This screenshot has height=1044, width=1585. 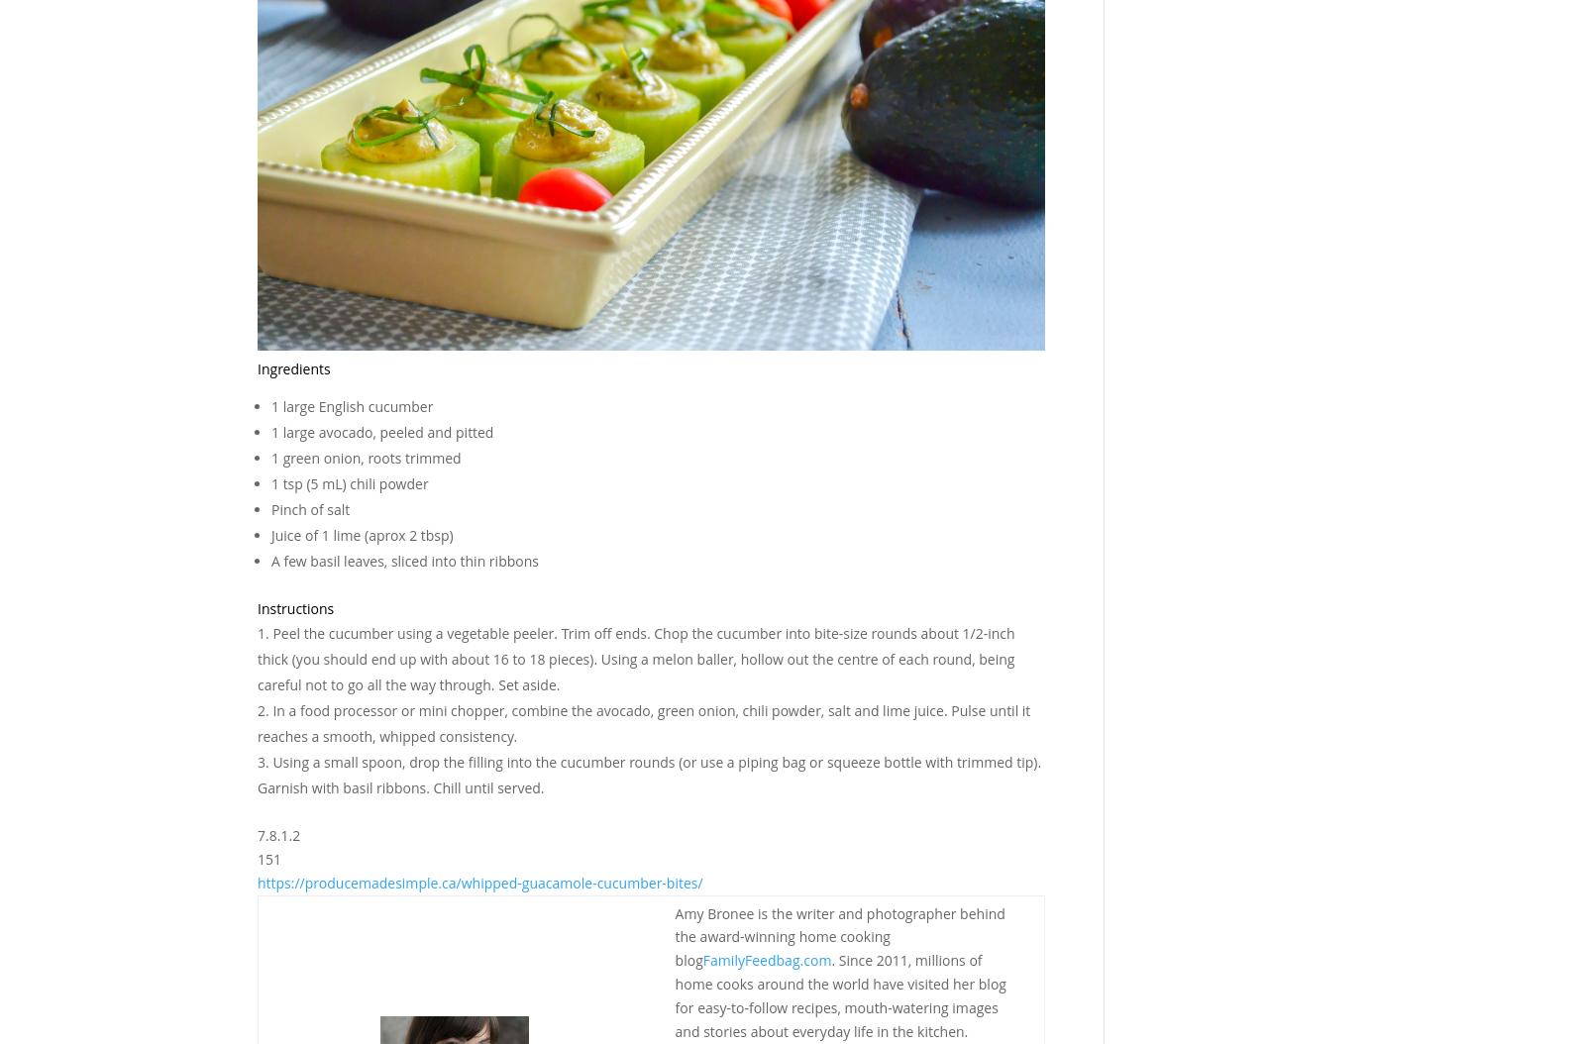 What do you see at coordinates (258, 659) in the screenshot?
I see `'Peel the cucumber using a vegetable peeler. Trim off ends. Chop the cucumber into bite-size rounds about 1/2-inch thick (you should end up with about 16 to 18 pieces). Using a melon baller, hollow out the centre of each round, being careful not to go all the way through. Set aside.'` at bounding box center [258, 659].